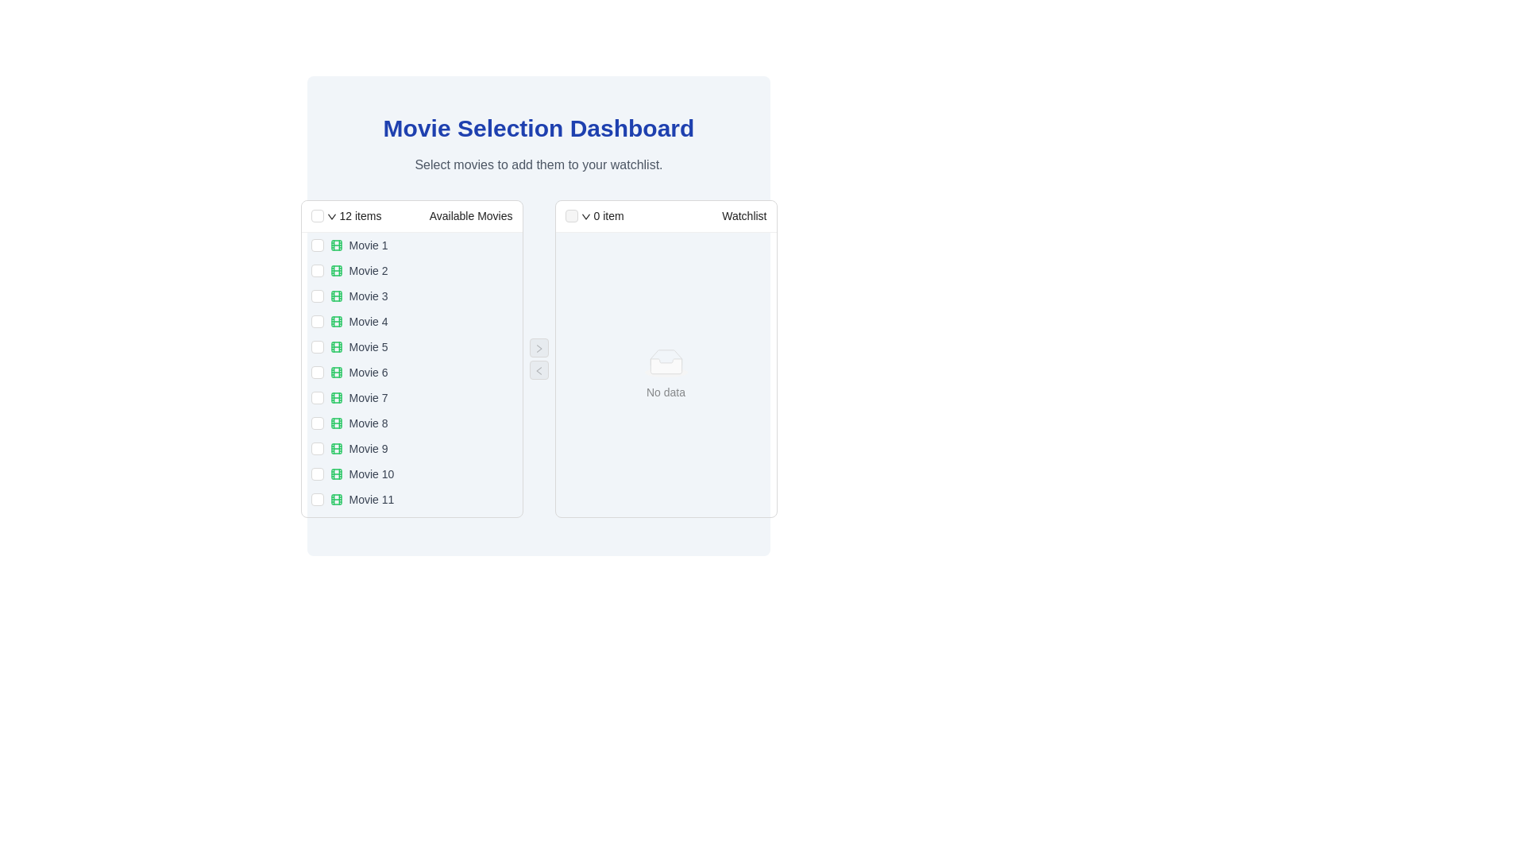  Describe the element at coordinates (368, 322) in the screenshot. I see `the text label displaying 'Movie 4' in the 'Available Movies' section, which is the fourth item in the list` at that location.